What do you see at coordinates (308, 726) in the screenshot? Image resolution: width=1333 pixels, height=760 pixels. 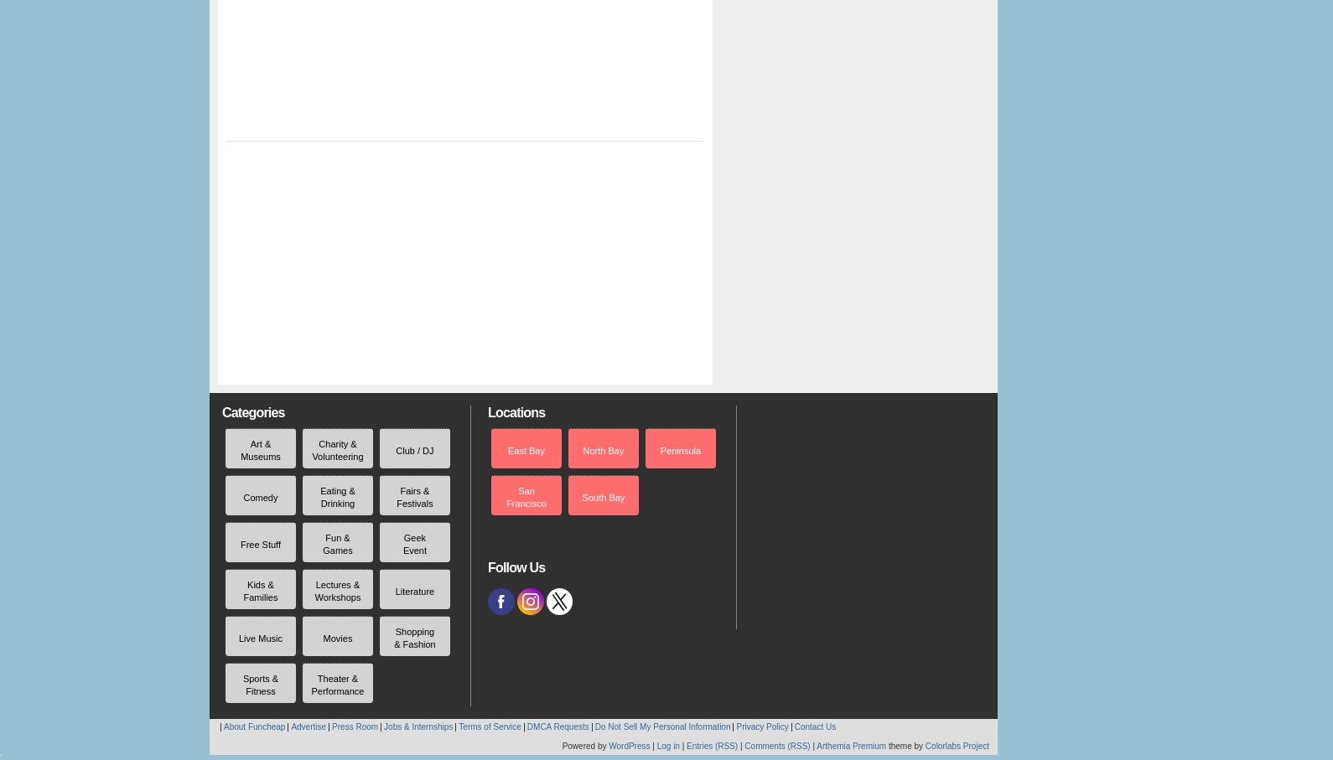 I see `'Advertise'` at bounding box center [308, 726].